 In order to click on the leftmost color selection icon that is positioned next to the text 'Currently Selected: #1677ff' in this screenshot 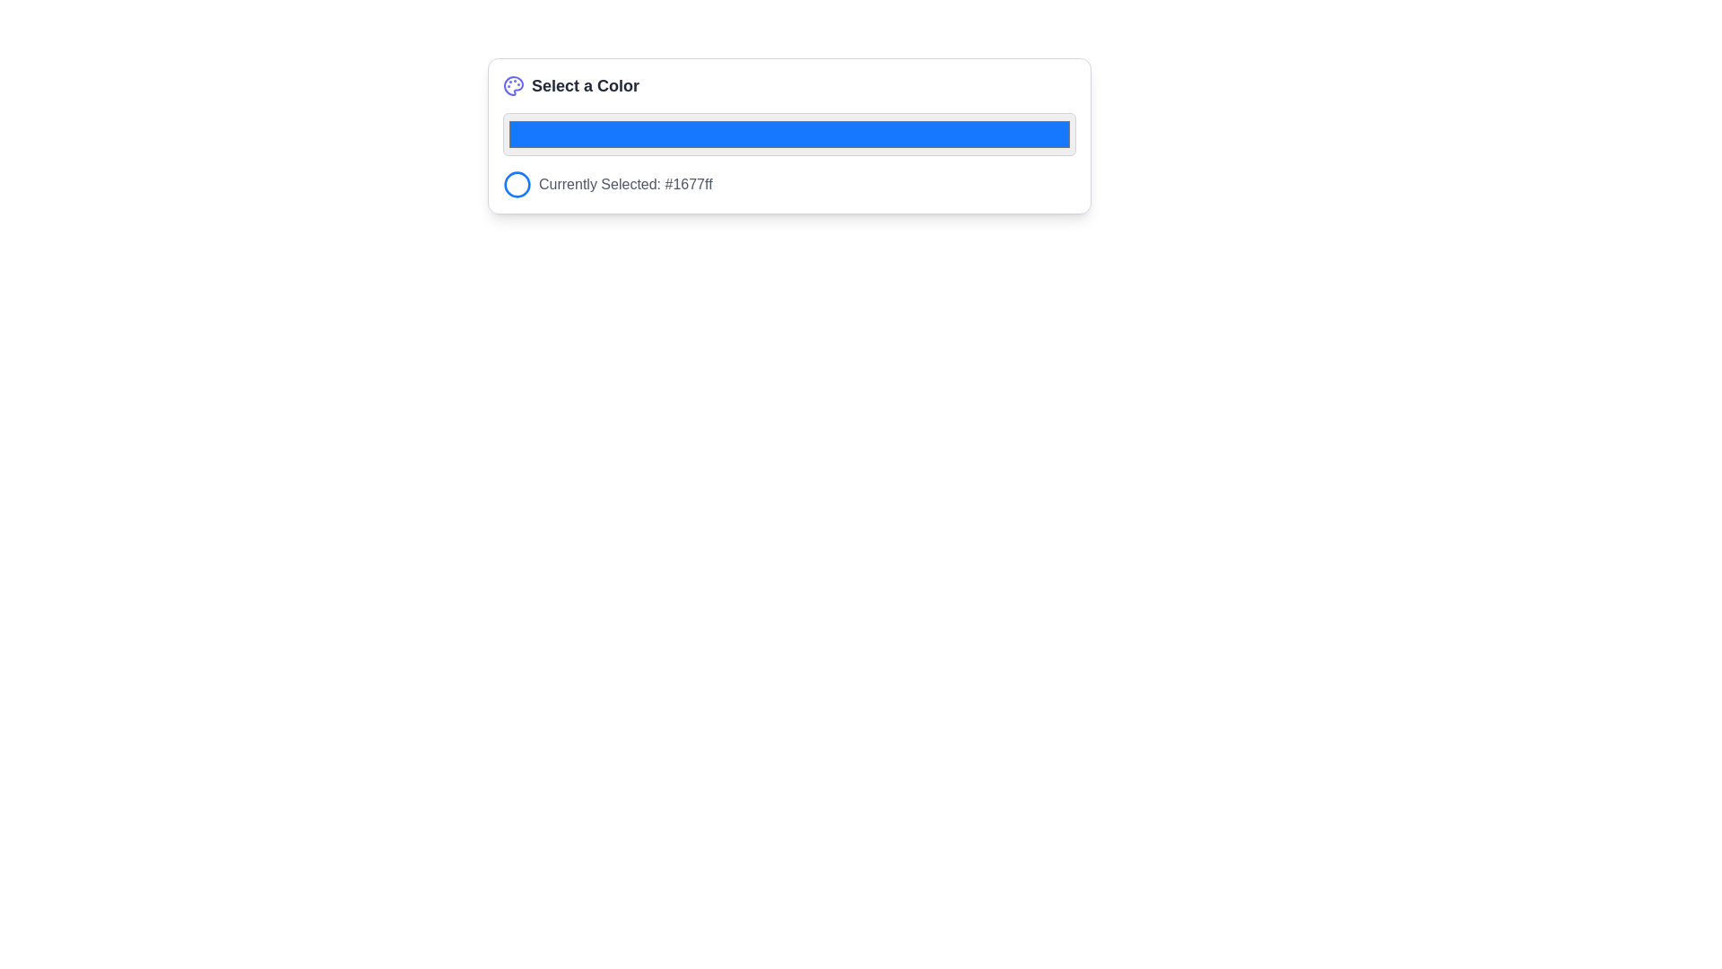, I will do `click(516, 184)`.